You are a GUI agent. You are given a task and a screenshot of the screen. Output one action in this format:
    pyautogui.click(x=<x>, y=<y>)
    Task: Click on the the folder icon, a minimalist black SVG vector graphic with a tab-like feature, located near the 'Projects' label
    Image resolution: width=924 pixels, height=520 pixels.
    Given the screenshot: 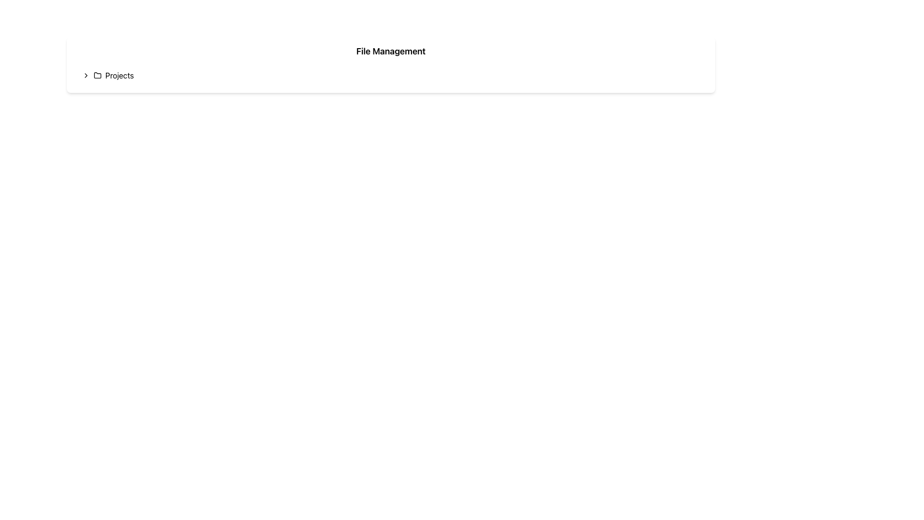 What is the action you would take?
    pyautogui.click(x=97, y=74)
    